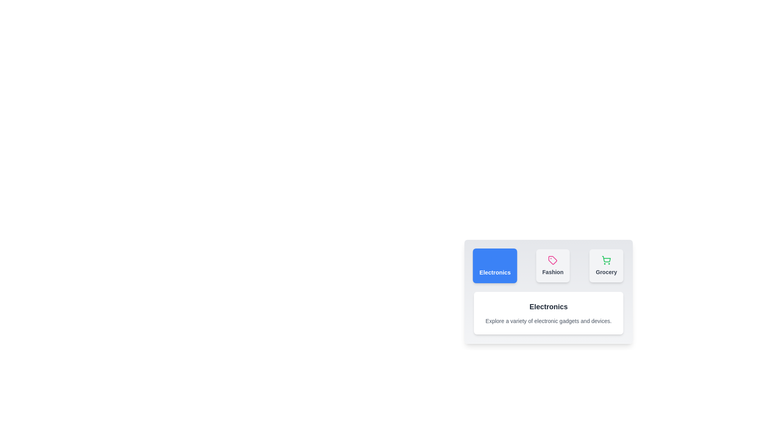 The image size is (757, 426). Describe the element at coordinates (552, 266) in the screenshot. I see `the Fashion tab to observe the hover effect` at that location.